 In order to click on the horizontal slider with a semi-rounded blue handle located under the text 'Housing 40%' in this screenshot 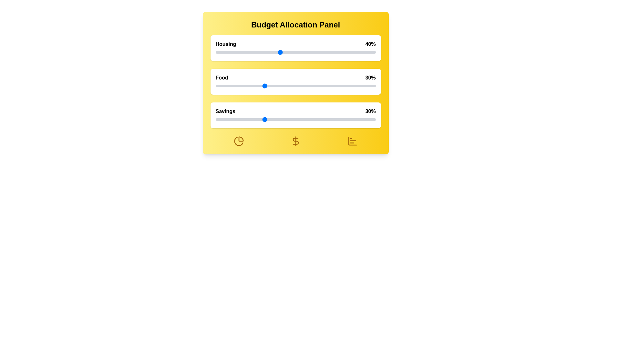, I will do `click(295, 52)`.